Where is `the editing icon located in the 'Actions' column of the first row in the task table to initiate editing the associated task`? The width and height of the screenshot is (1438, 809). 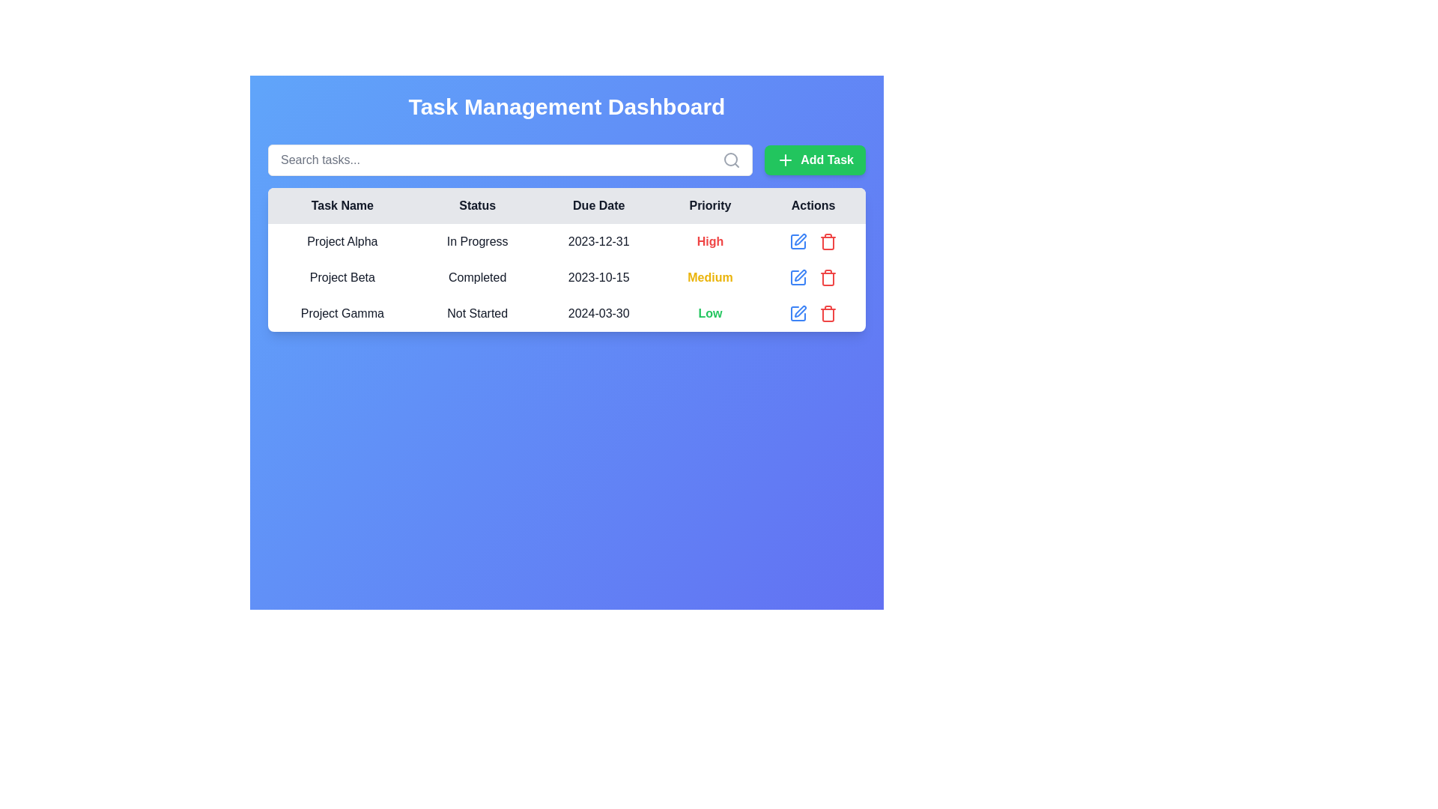
the editing icon located in the 'Actions' column of the first row in the task table to initiate editing the associated task is located at coordinates (797, 241).